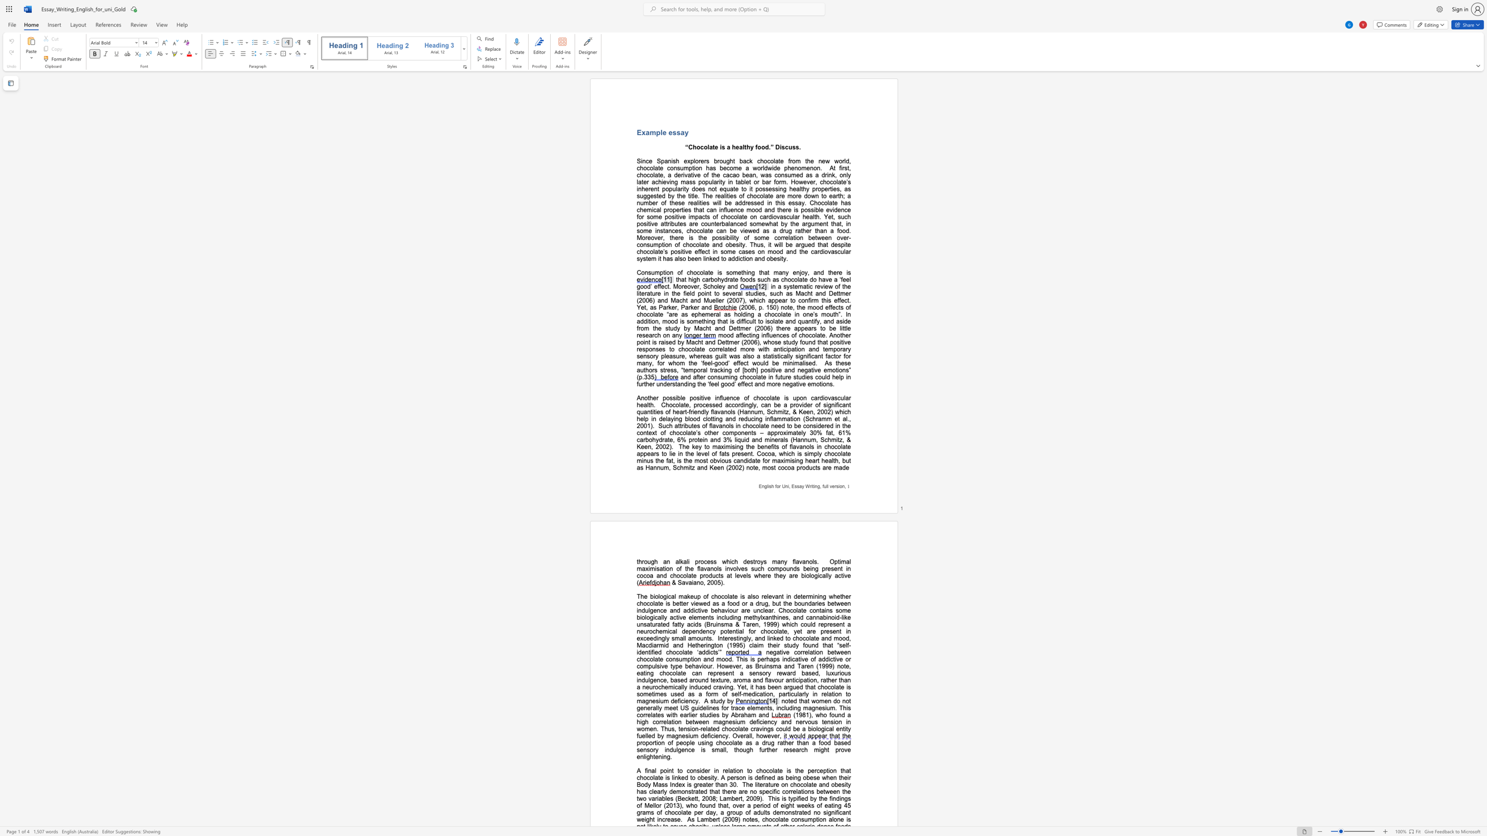 This screenshot has width=1487, height=836. I want to click on the subset text "is better viewed as a food or a drug, but the boundaries between indulg" within the text "whether chocolate is better viewed as a food or a drug, but the boundaries between indulgence and addictive behaviour are unclear. Chocolate", so click(665, 602).